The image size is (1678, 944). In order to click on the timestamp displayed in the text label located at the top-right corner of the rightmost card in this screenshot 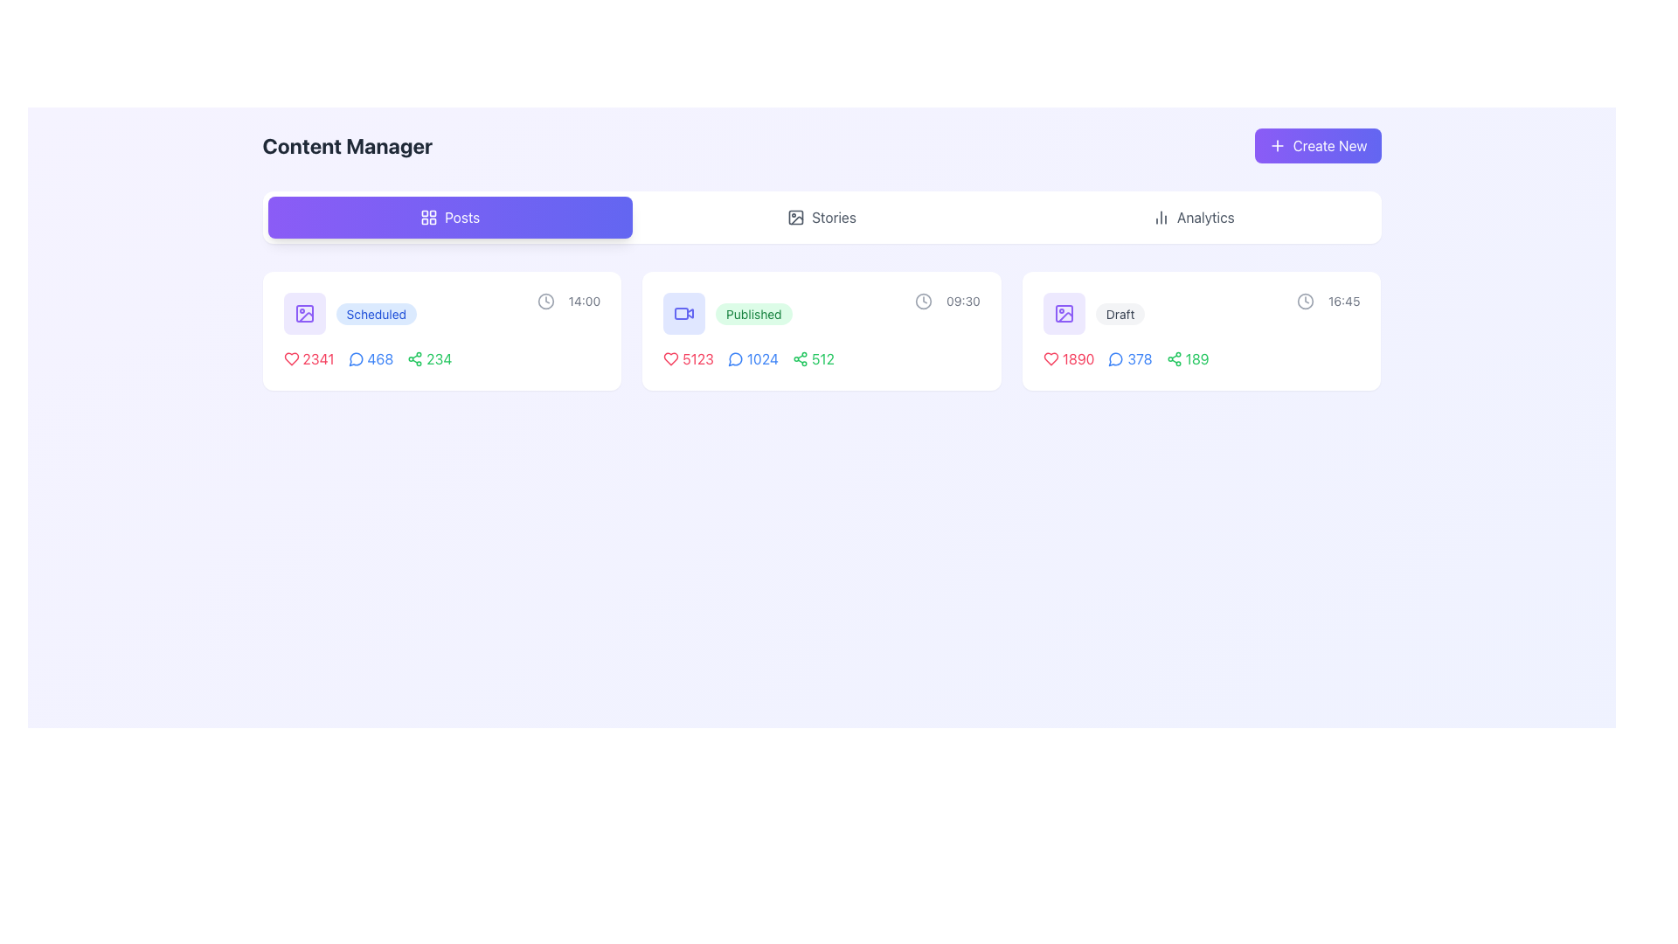, I will do `click(1343, 300)`.